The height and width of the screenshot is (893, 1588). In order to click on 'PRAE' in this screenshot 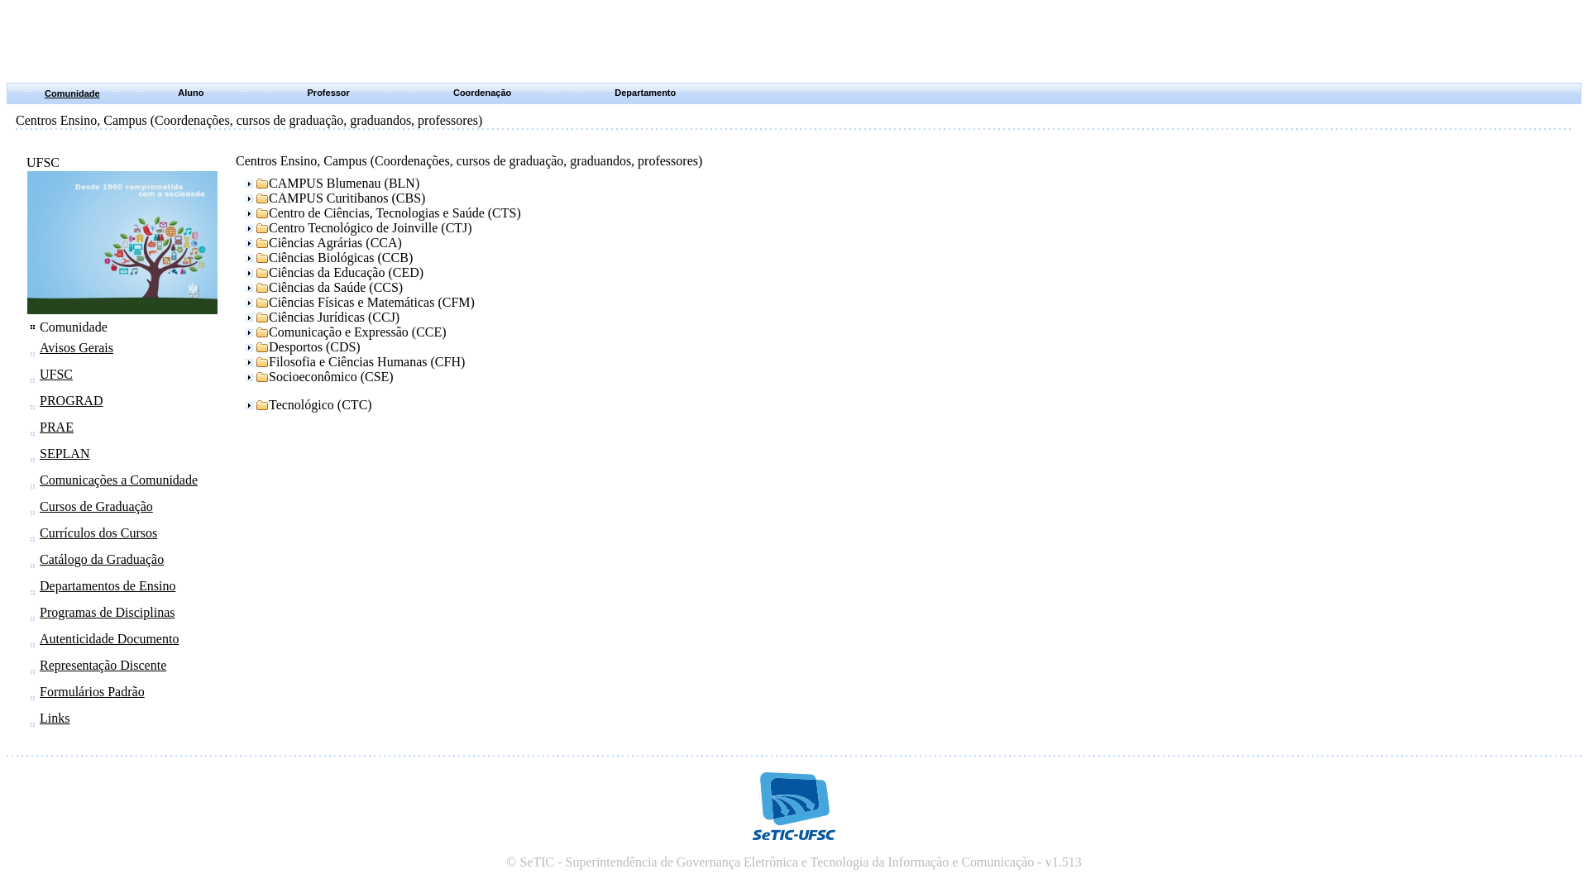, I will do `click(40, 426)`.